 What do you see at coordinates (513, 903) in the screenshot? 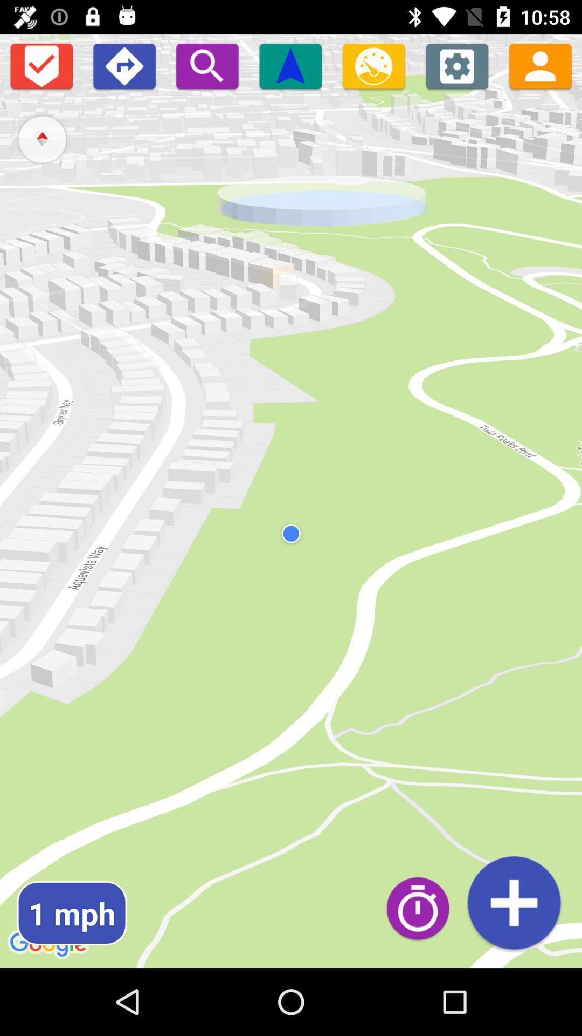
I see `map data` at bounding box center [513, 903].